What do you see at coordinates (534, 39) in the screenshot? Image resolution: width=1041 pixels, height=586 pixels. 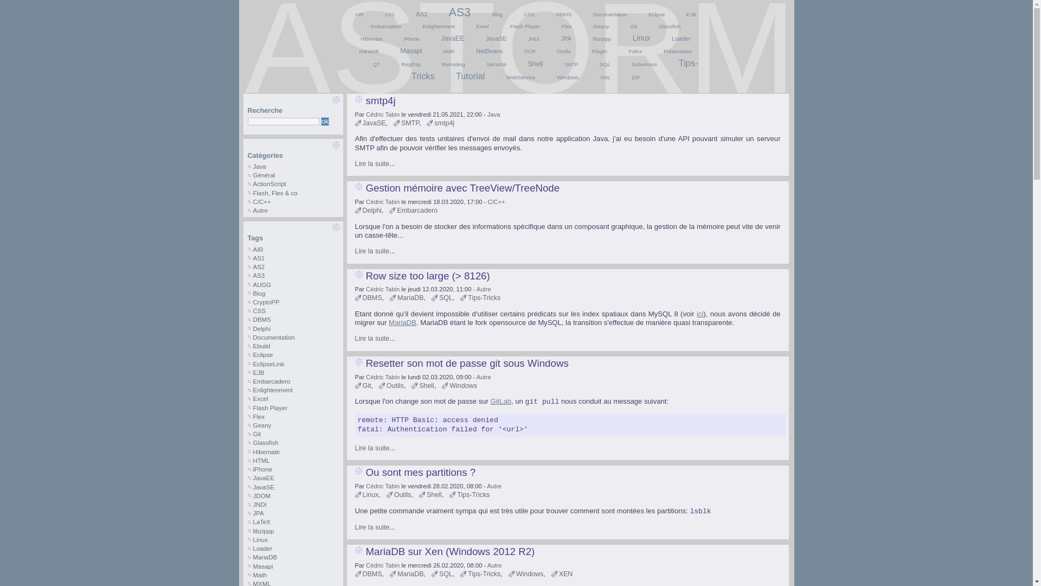 I see `'JNDI'` at bounding box center [534, 39].